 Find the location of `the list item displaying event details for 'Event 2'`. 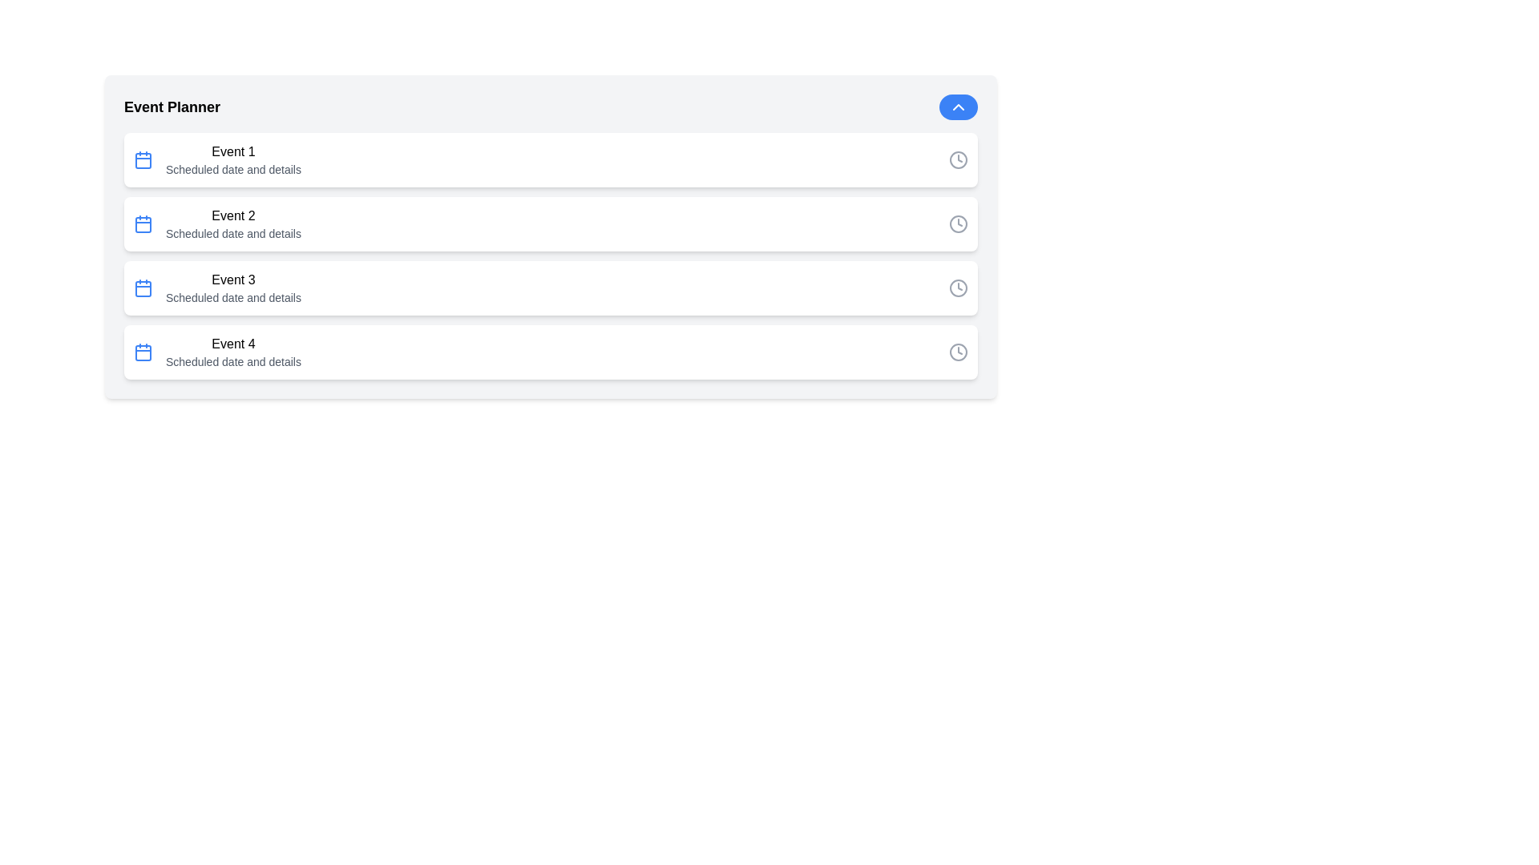

the list item displaying event details for 'Event 2' is located at coordinates (551, 224).